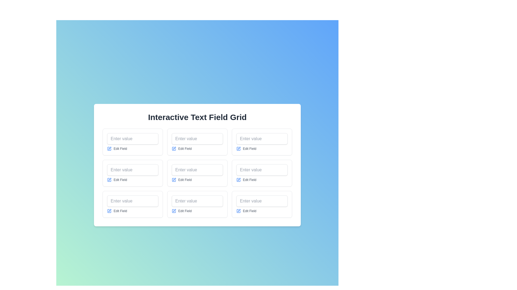 The width and height of the screenshot is (517, 290). Describe the element at coordinates (109, 149) in the screenshot. I see `the icon located below the 'Enter value' input field, which signifies the functionality of the 'Edit Field' label` at that location.